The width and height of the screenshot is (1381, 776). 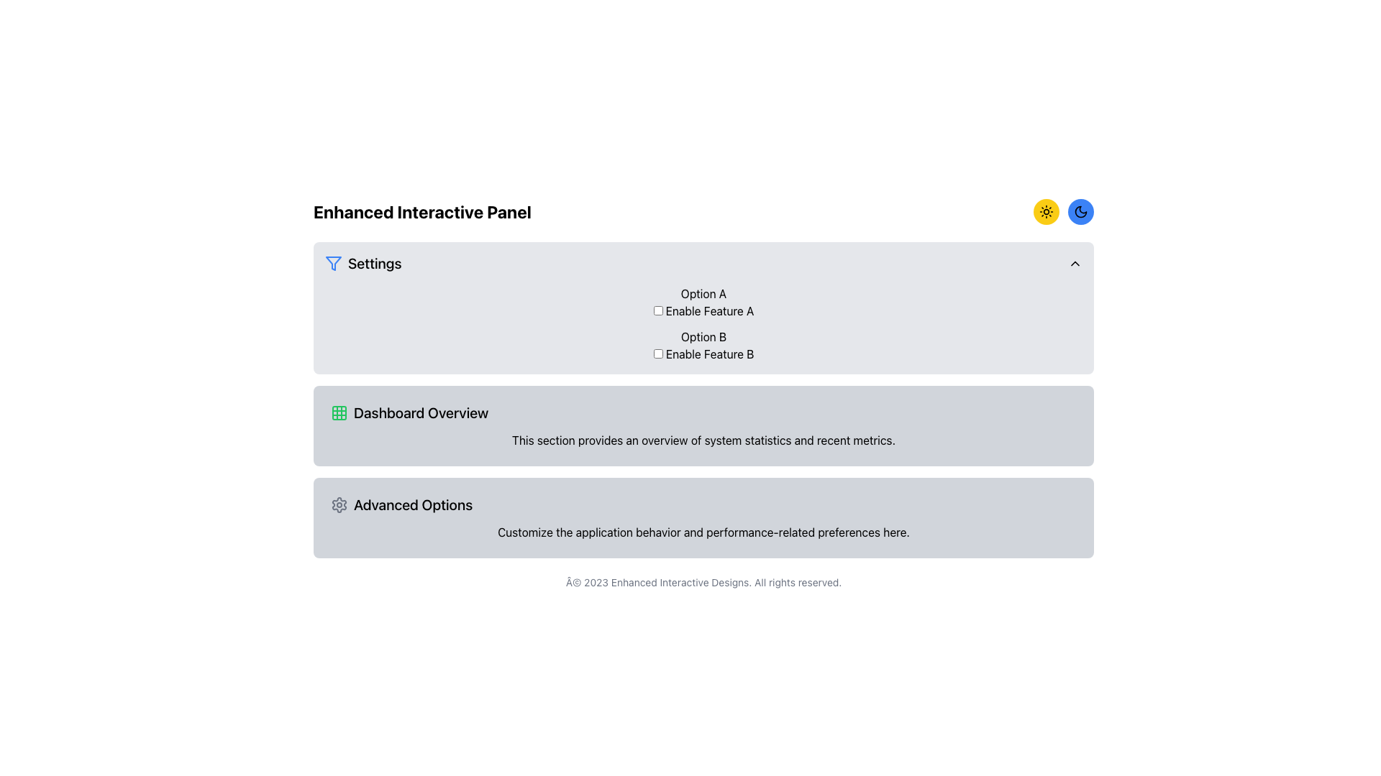 What do you see at coordinates (1075, 263) in the screenshot?
I see `the triangular-shaped icon pointing upwards in the 'Settings' panel` at bounding box center [1075, 263].